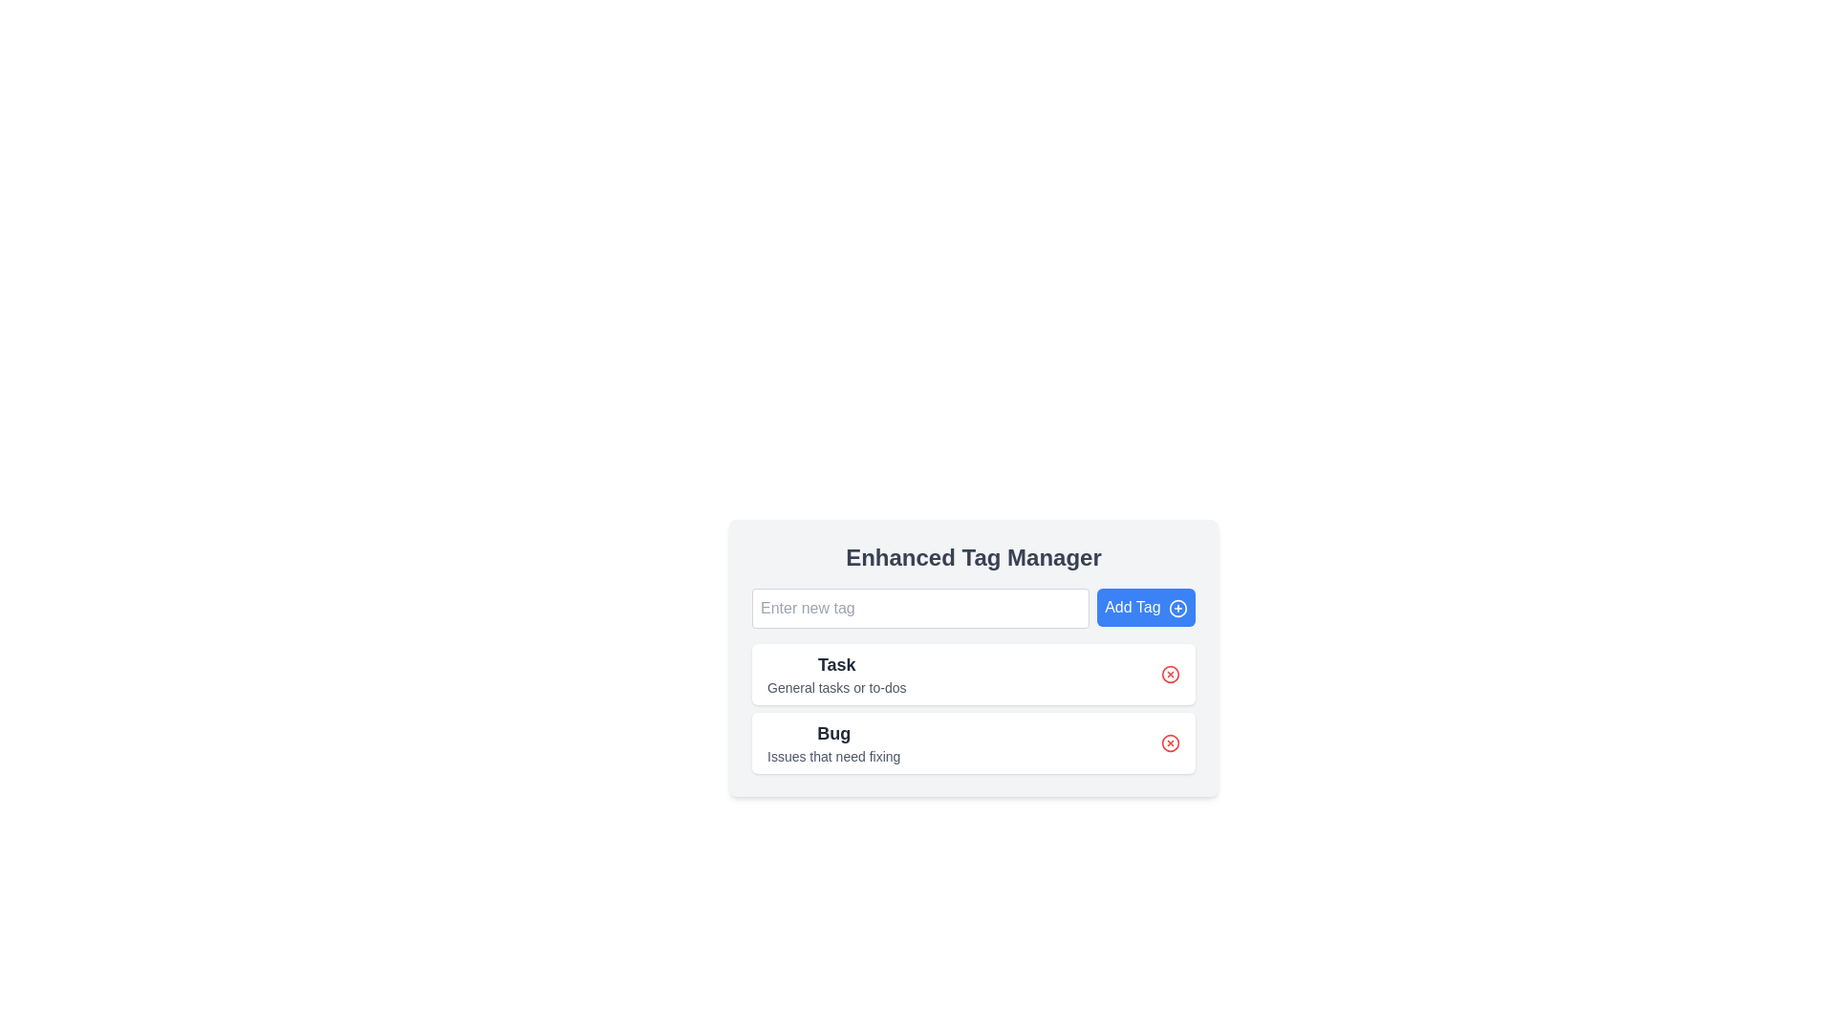  I want to click on the first ListItem titled 'Task', so click(973, 673).